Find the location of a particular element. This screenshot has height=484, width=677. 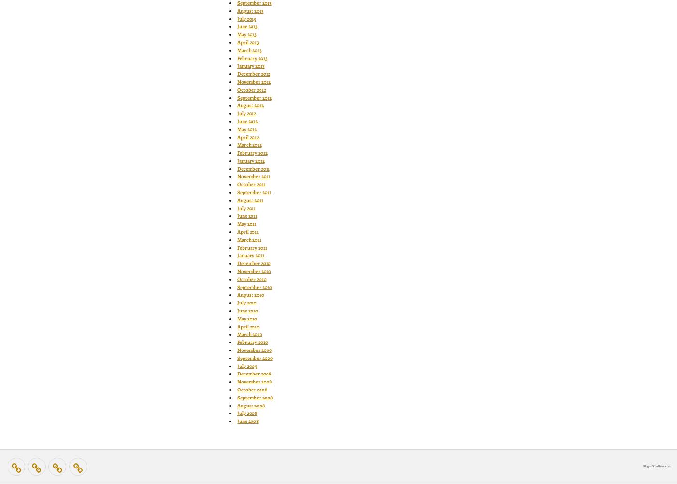

'June 2011' is located at coordinates (246, 215).